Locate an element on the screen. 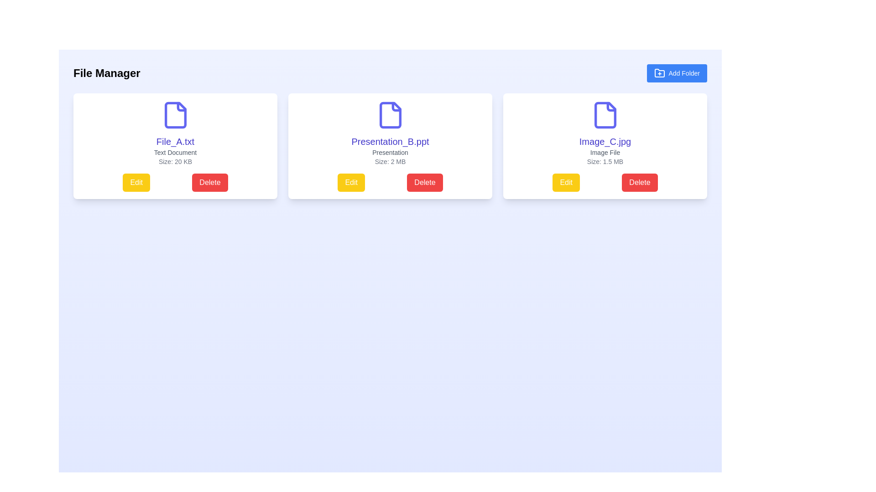  the static text element displaying 'Image File' which is located at the center-bottom of the card for the file 'Image_C.jpg' is located at coordinates (605, 152).